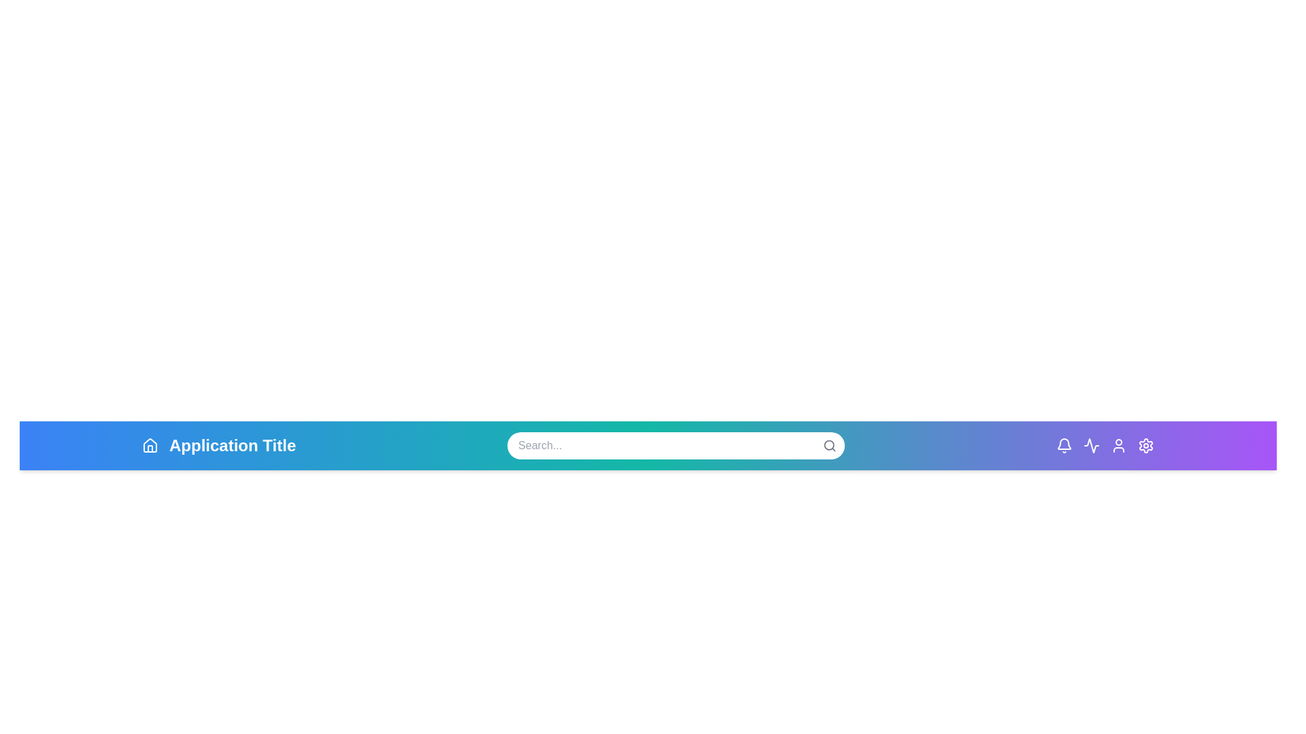  I want to click on the Home icon to navigate to the home page, so click(150, 445).